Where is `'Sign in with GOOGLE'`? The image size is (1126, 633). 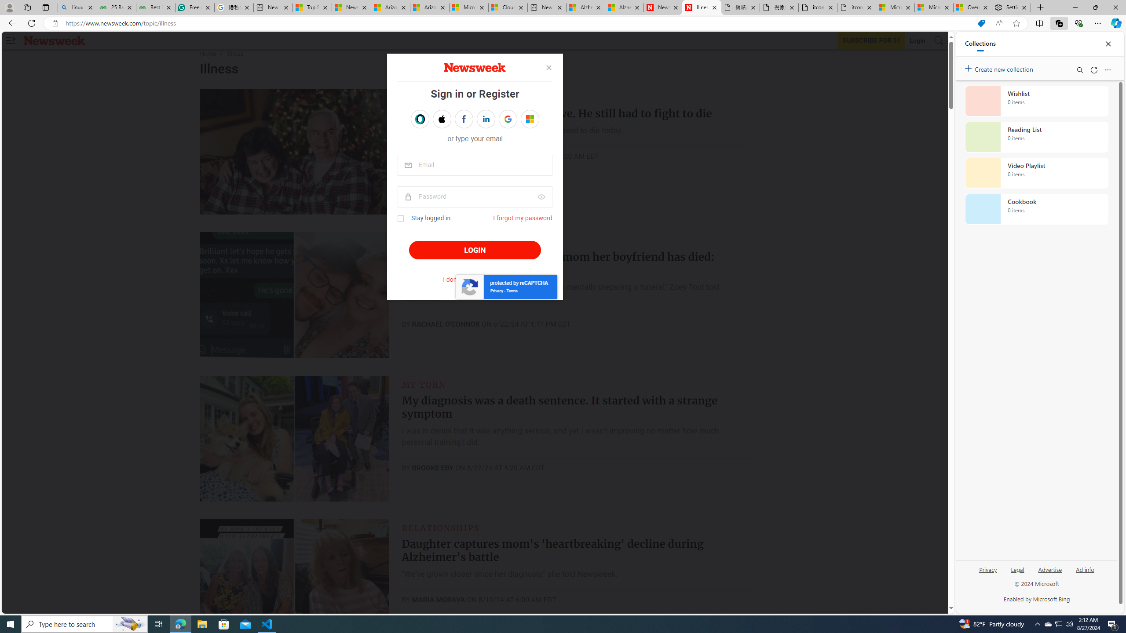
'Sign in with GOOGLE' is located at coordinates (507, 119).